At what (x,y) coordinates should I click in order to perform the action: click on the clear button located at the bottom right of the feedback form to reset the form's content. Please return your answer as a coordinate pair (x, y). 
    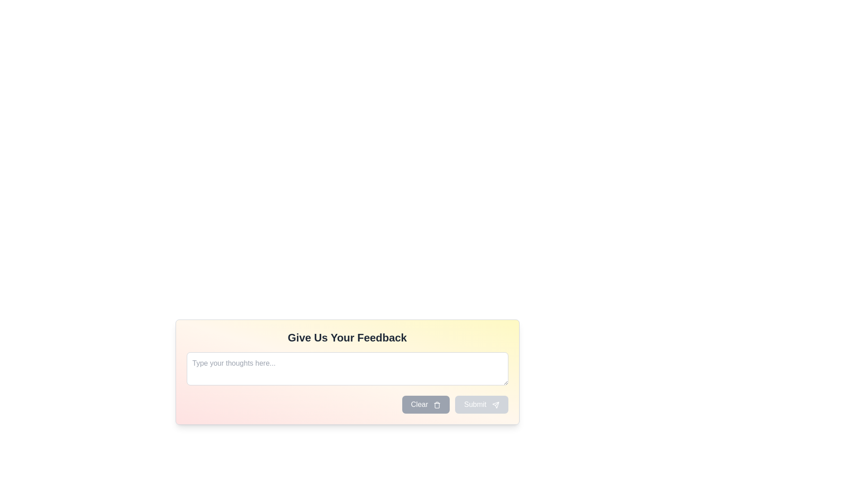
    Looking at the image, I should click on (425, 404).